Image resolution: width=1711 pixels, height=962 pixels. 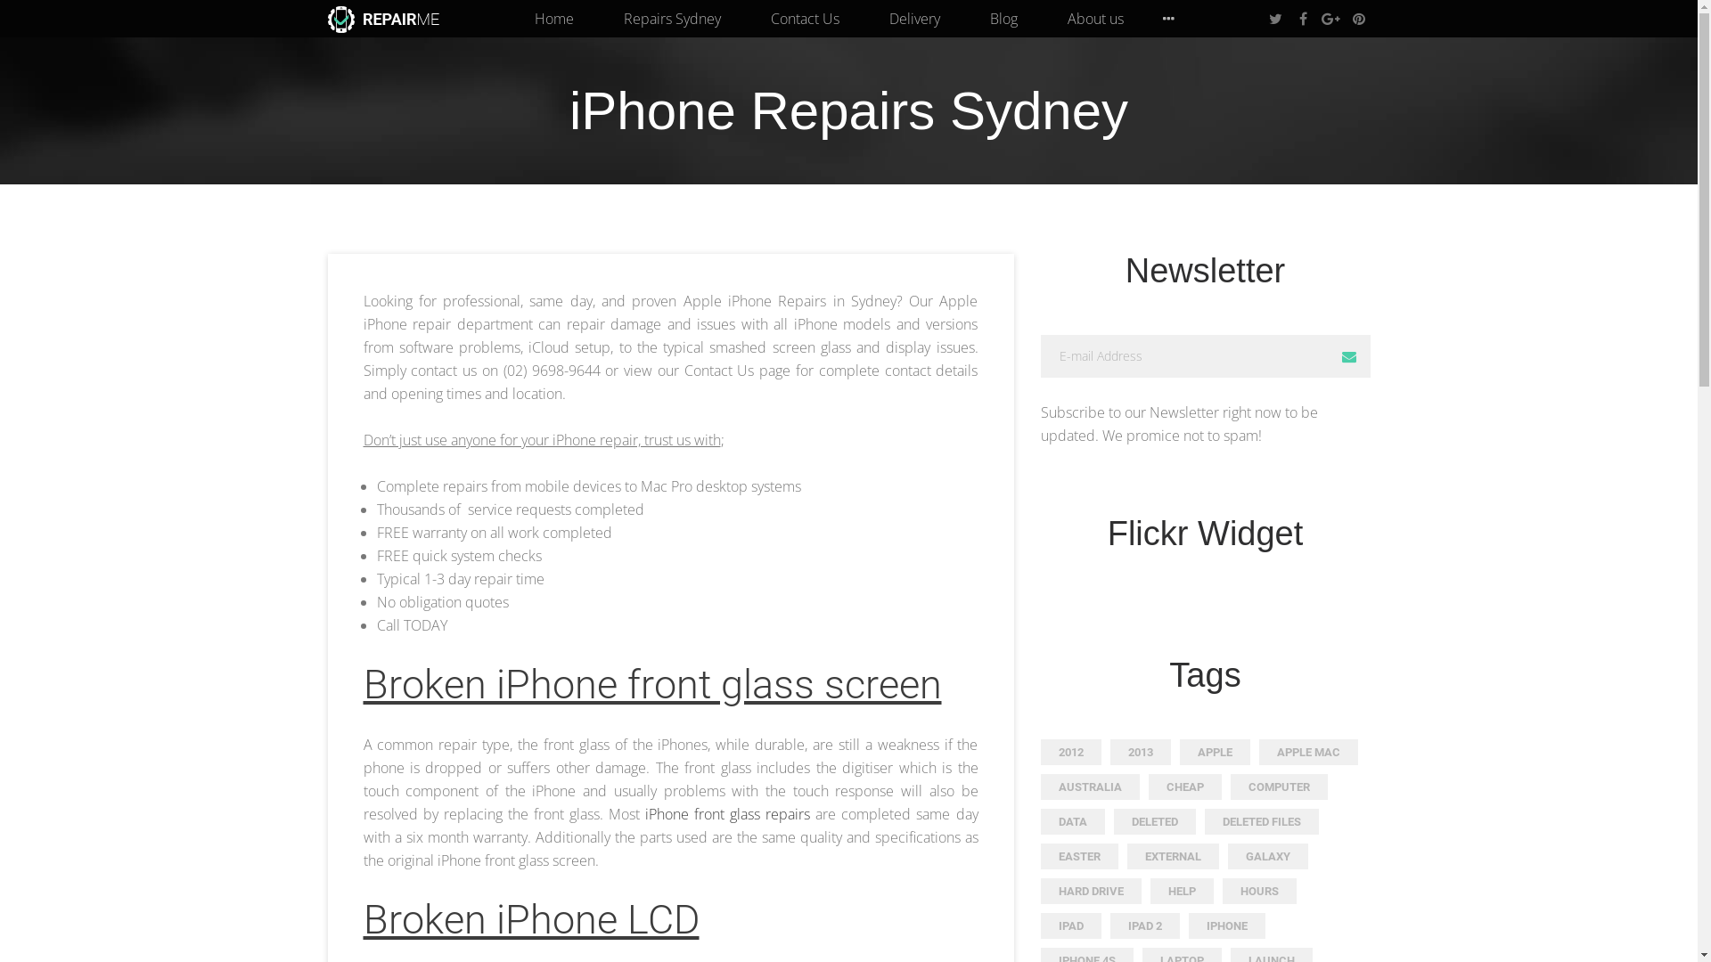 I want to click on 'iPhone front glass repairs', so click(x=727, y=814).